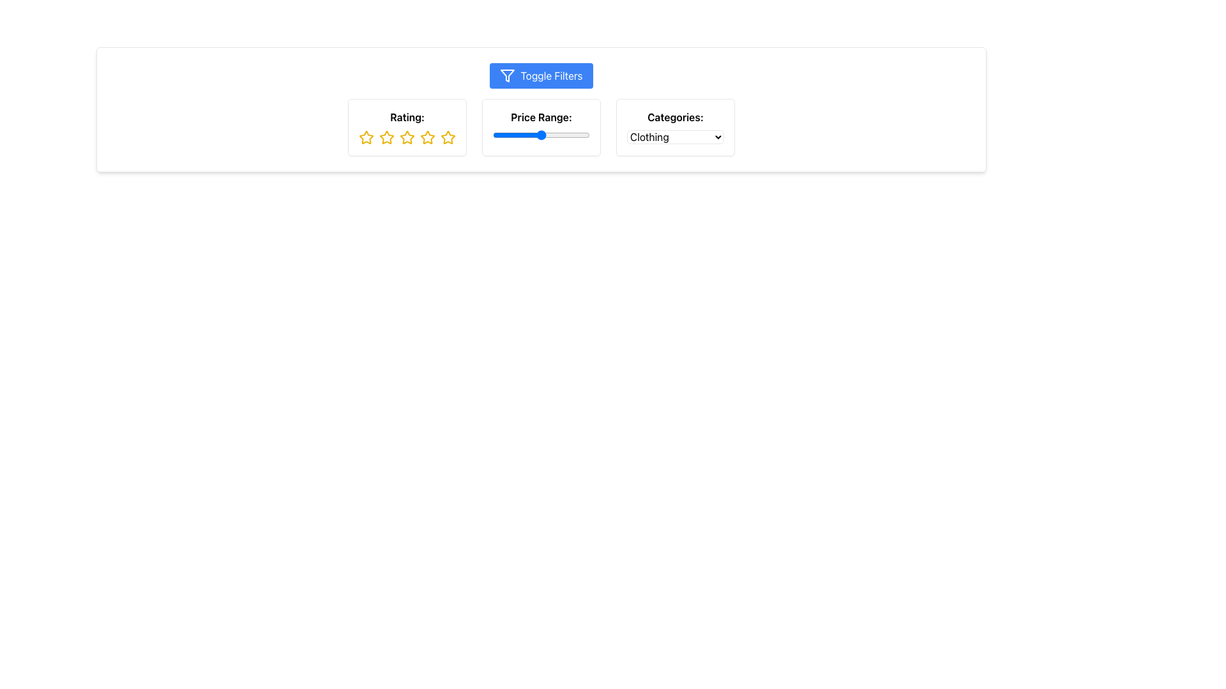 This screenshot has width=1226, height=689. I want to click on the fifth star icon in the rating section, so click(448, 137).